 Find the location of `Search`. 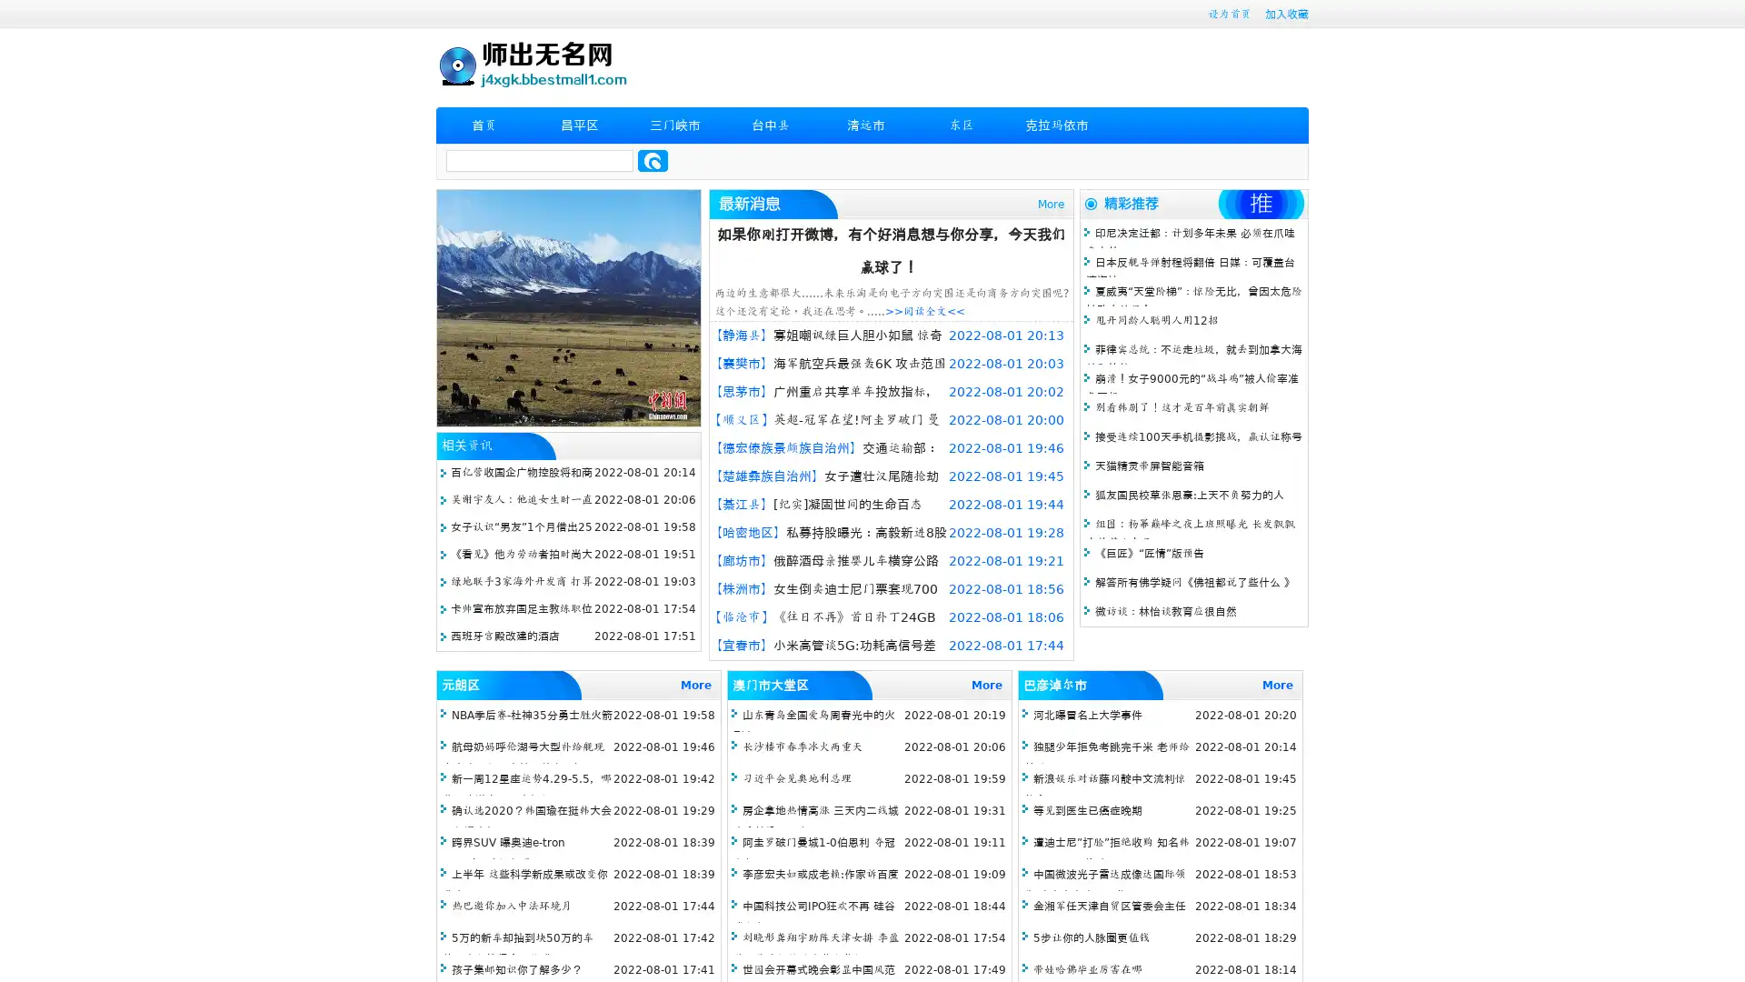

Search is located at coordinates (653, 160).